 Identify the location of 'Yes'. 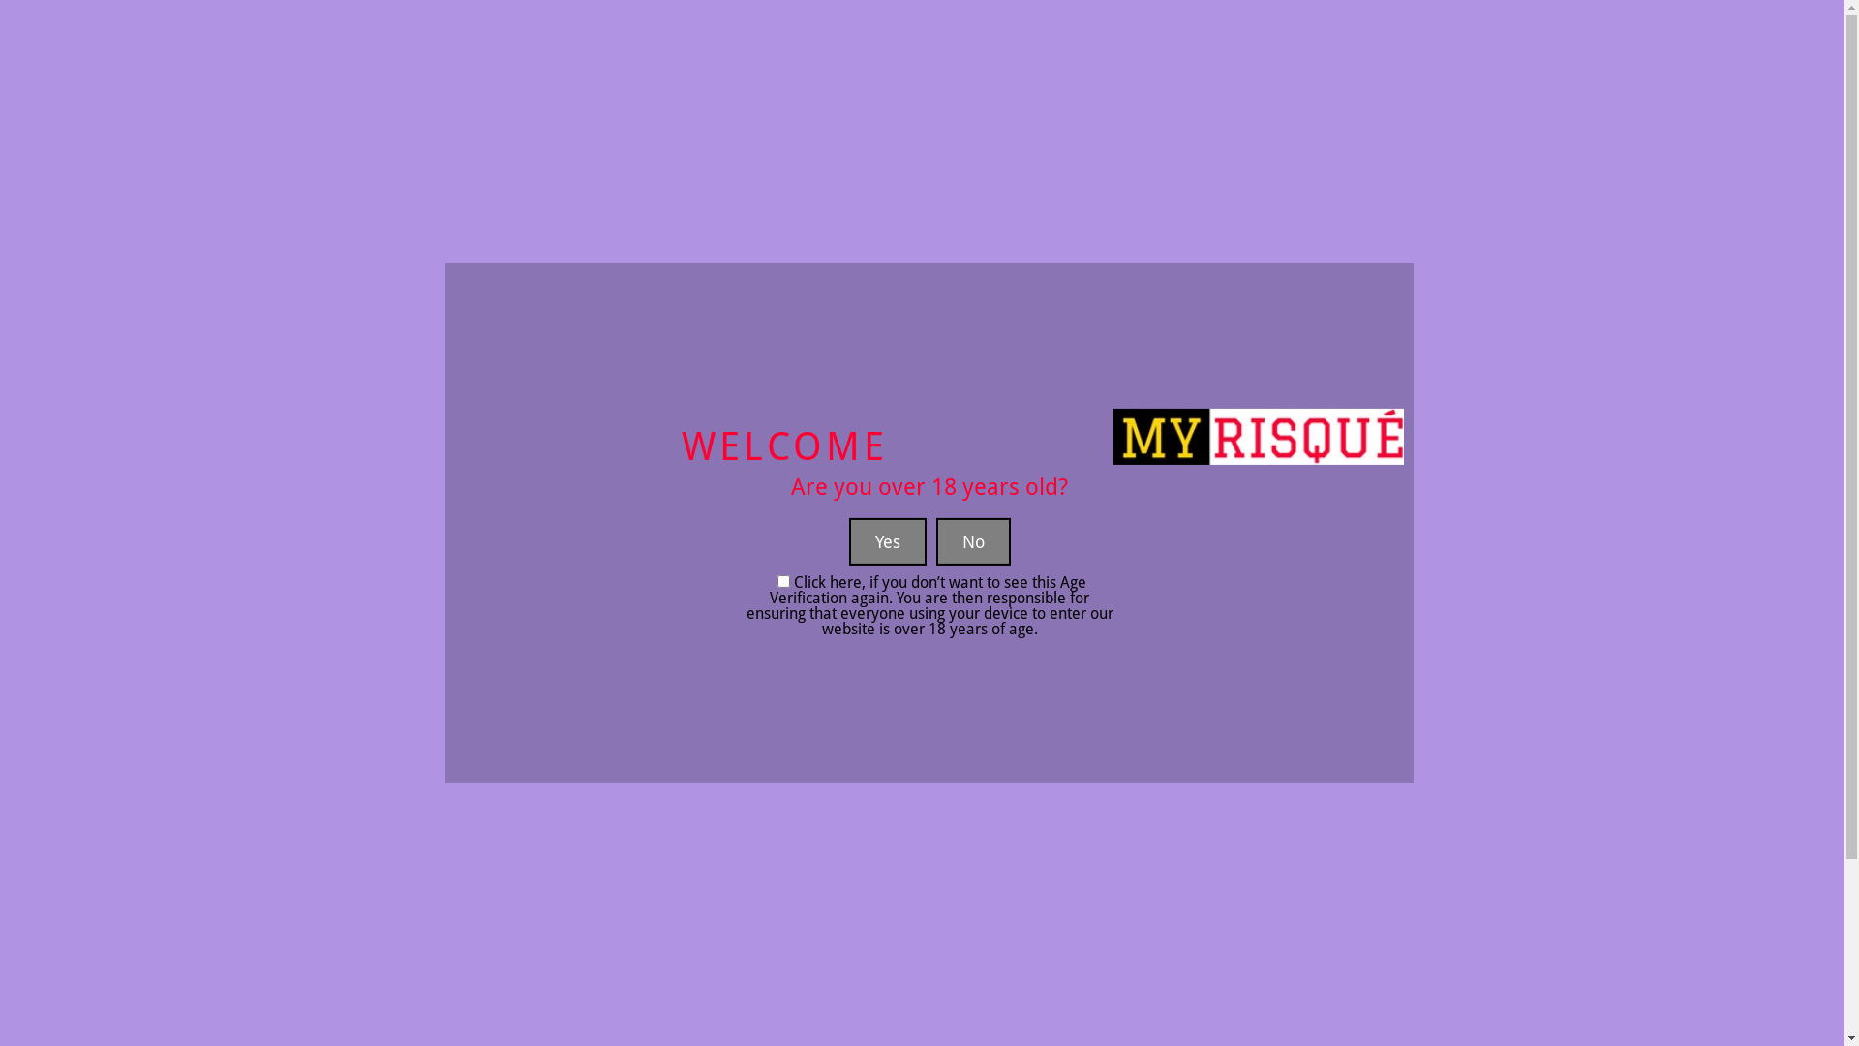
(886, 541).